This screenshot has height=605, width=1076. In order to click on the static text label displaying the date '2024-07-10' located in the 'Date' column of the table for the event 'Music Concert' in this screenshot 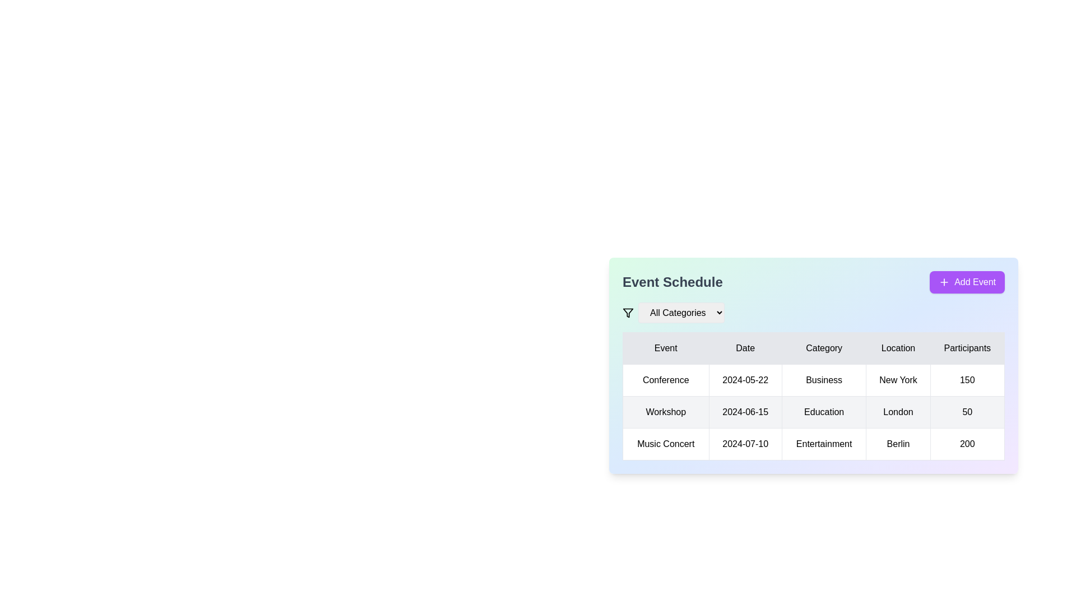, I will do `click(745, 444)`.